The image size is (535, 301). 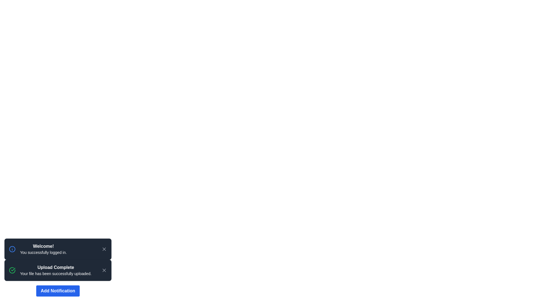 What do you see at coordinates (12, 249) in the screenshot?
I see `the blue circular 'info' icon with a white background and vertical exclamation point, located at the top-left of the first notification card, to the left of the 'Welcome!' text` at bounding box center [12, 249].